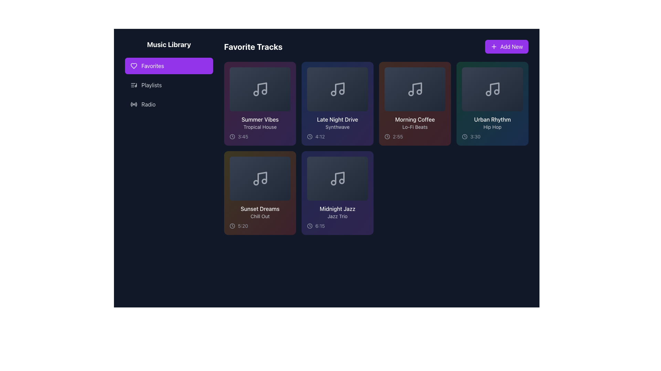 The height and width of the screenshot is (371, 661). Describe the element at coordinates (169, 66) in the screenshot. I see `the 'Favorites' button in the 'Music Library' section to change its appearance` at that location.